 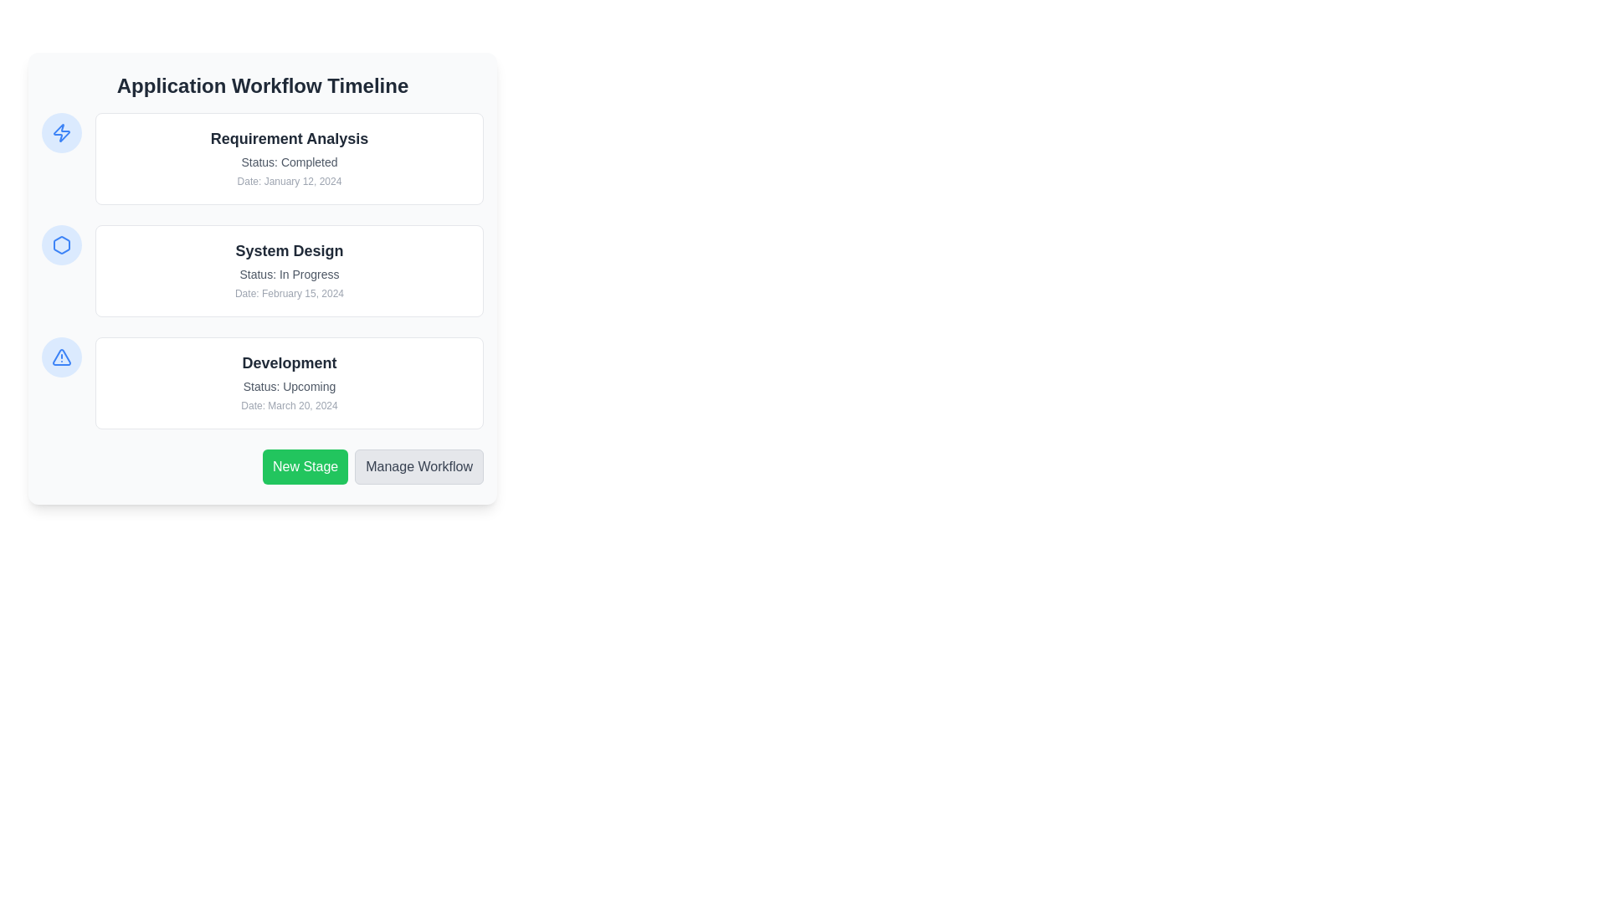 I want to click on the 'Requirement Analysis' Content card at the top of the Application Workflow Timeline for additional info, so click(x=261, y=158).